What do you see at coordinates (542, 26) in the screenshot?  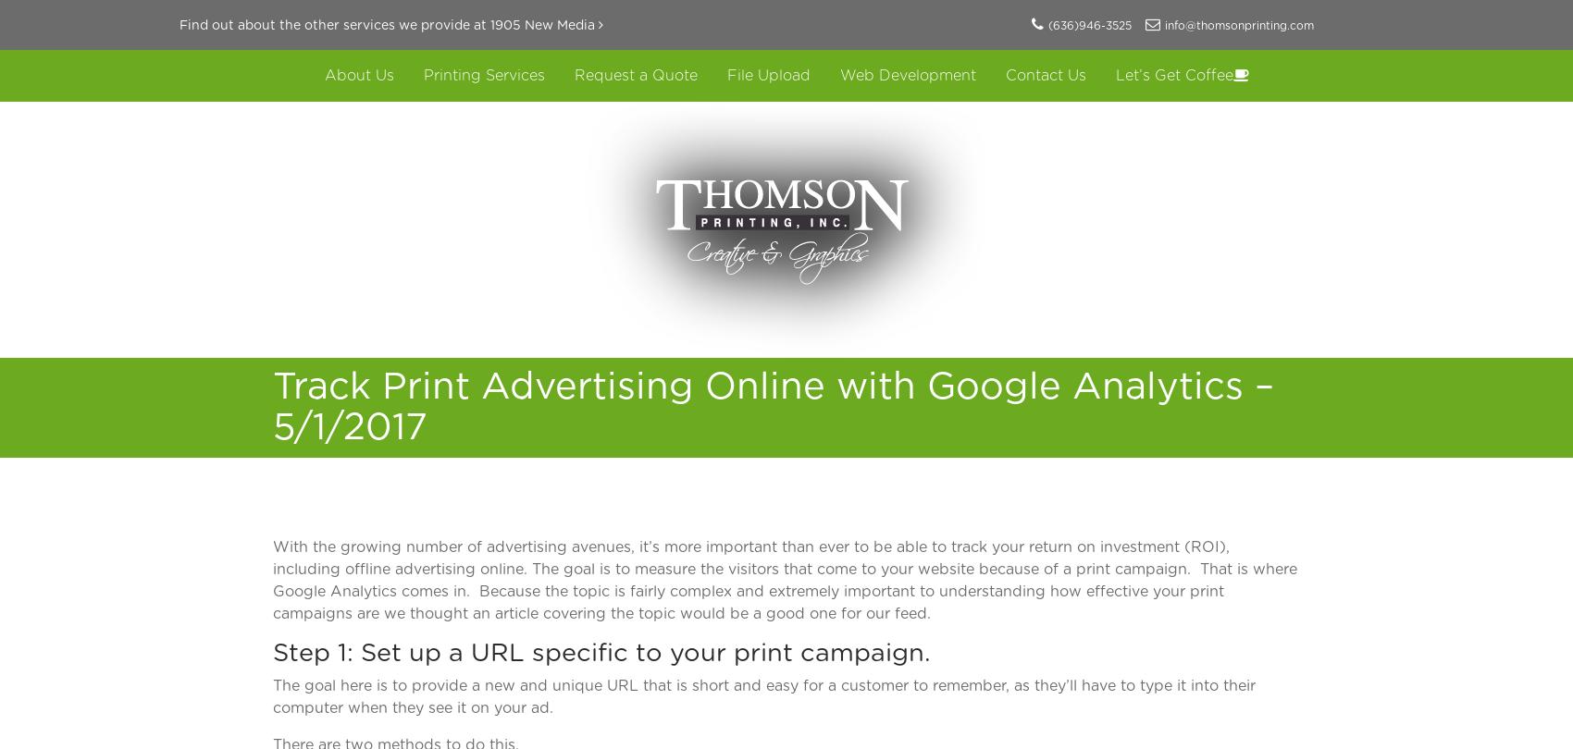 I see `'1905 New Media'` at bounding box center [542, 26].